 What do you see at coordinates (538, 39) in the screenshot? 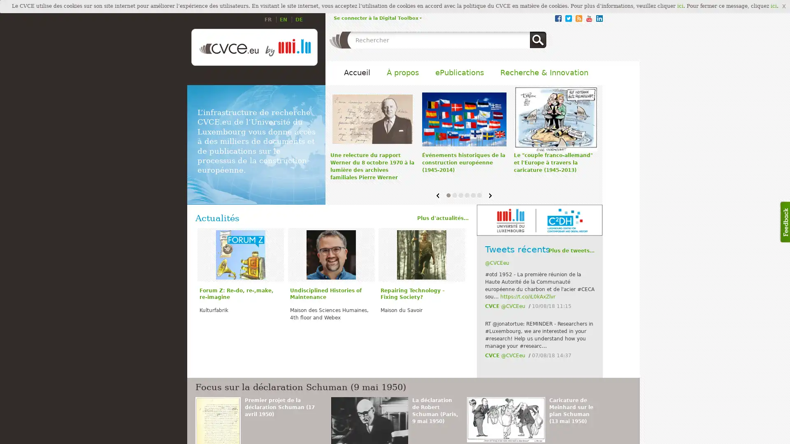
I see `Submit` at bounding box center [538, 39].